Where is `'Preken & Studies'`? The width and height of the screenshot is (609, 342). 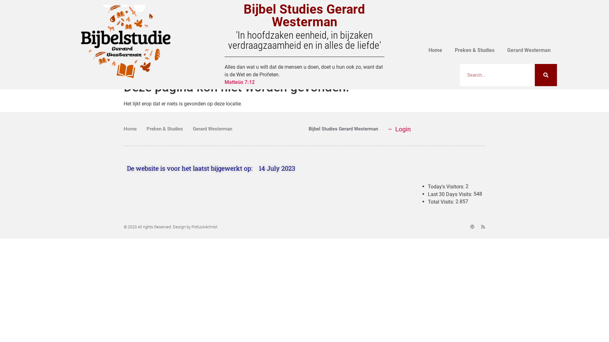
'Preken & Studies' is located at coordinates (475, 50).